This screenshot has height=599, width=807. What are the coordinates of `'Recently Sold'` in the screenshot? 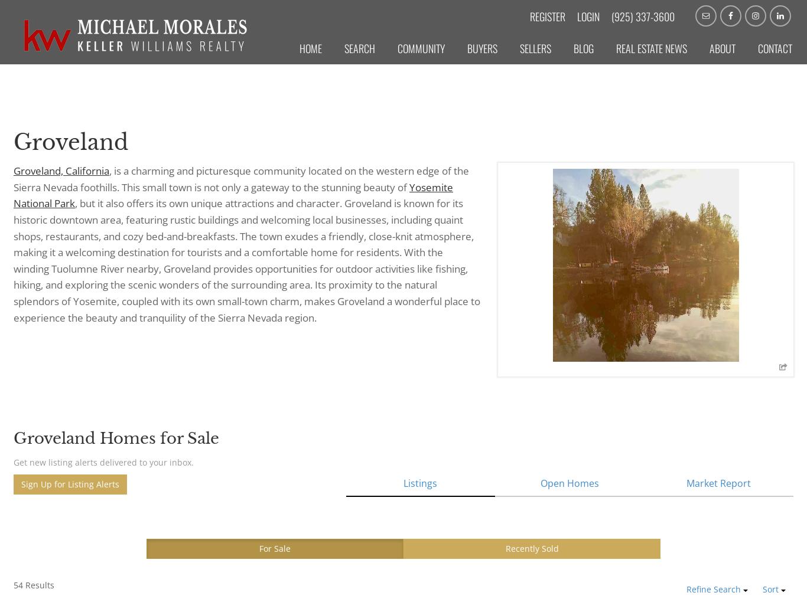 It's located at (531, 548).